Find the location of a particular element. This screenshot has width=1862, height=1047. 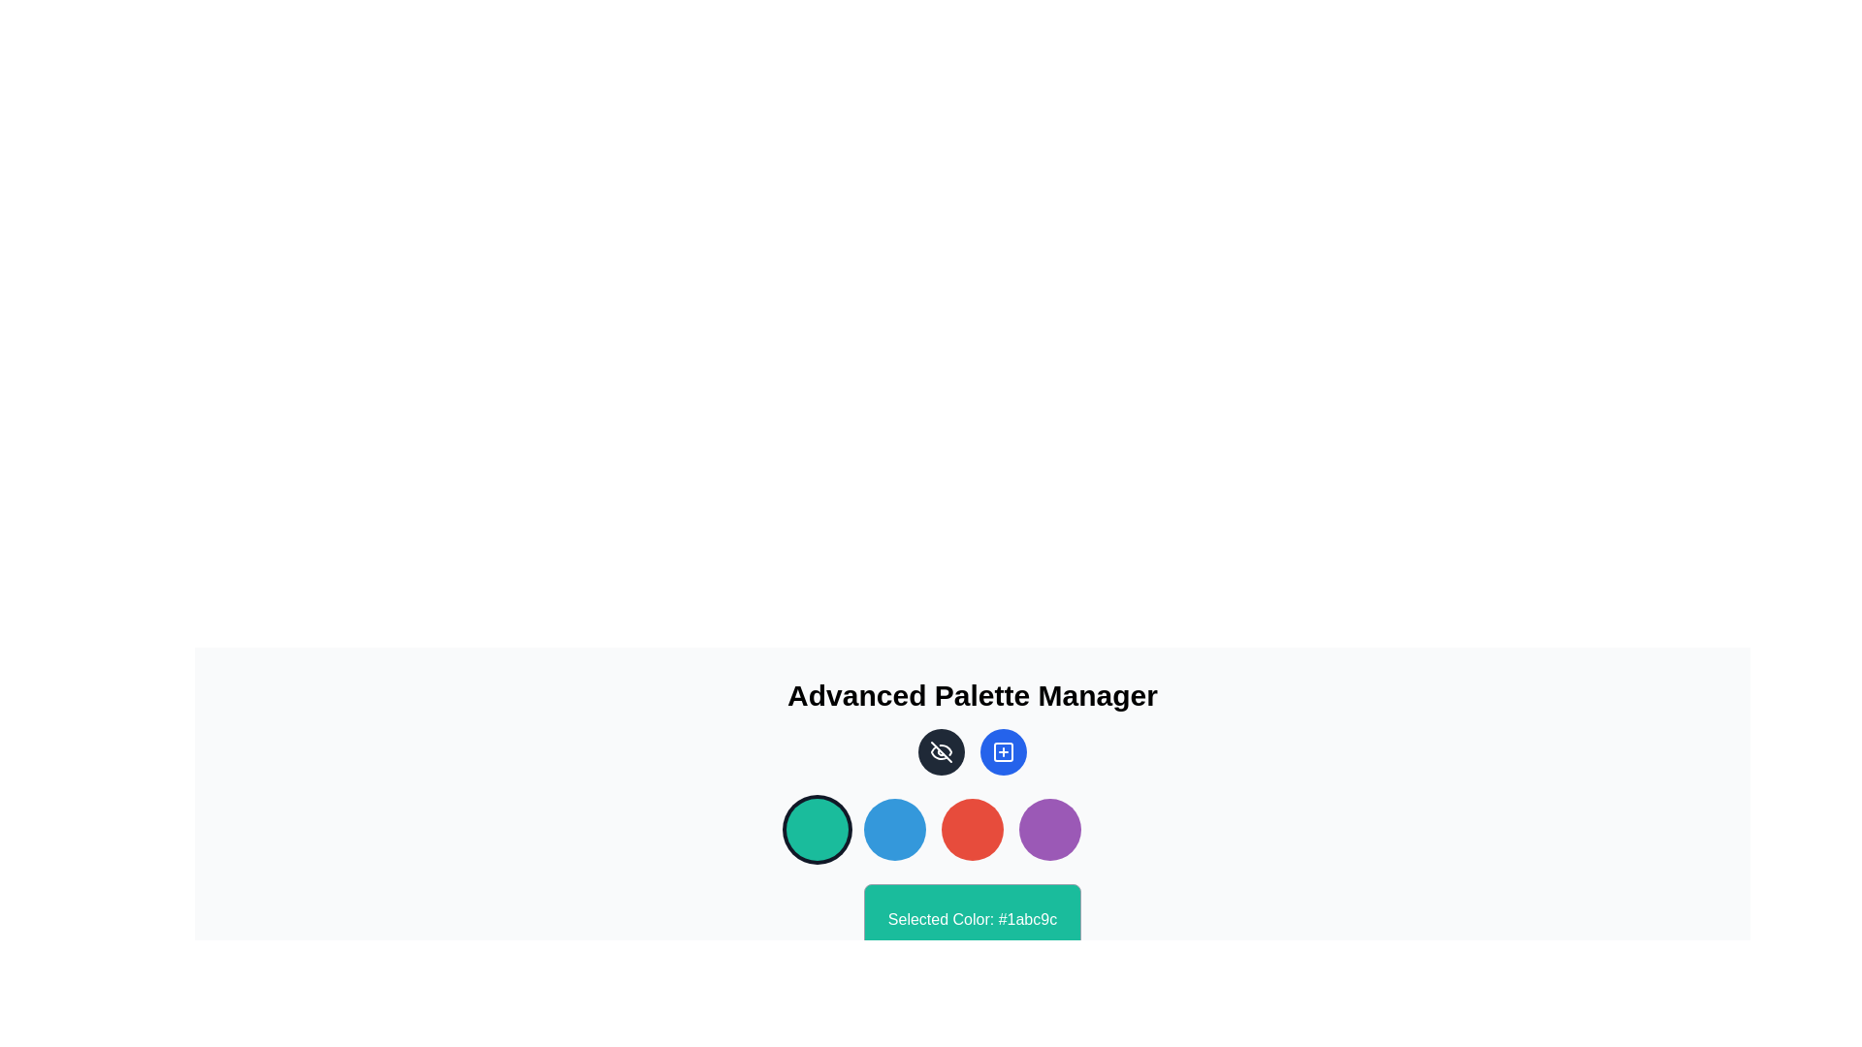

the third circular red icon is located at coordinates (973, 829).